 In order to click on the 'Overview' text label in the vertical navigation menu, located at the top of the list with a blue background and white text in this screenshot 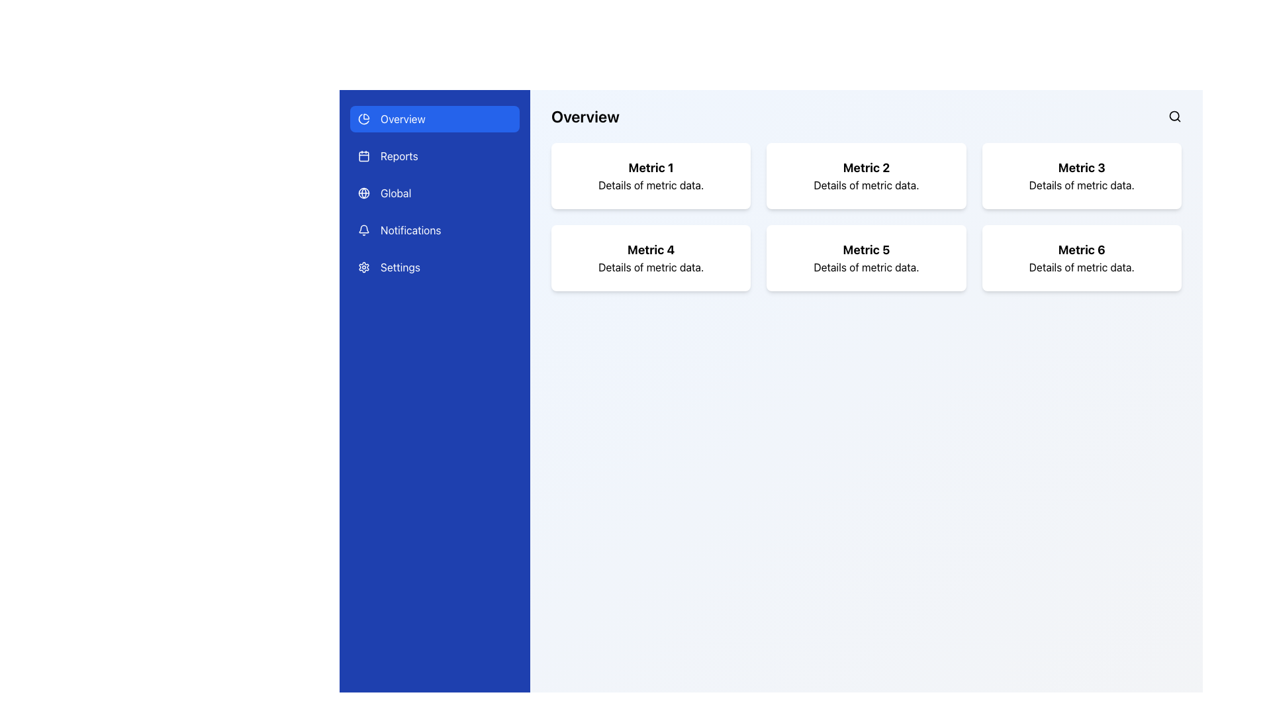, I will do `click(402, 119)`.